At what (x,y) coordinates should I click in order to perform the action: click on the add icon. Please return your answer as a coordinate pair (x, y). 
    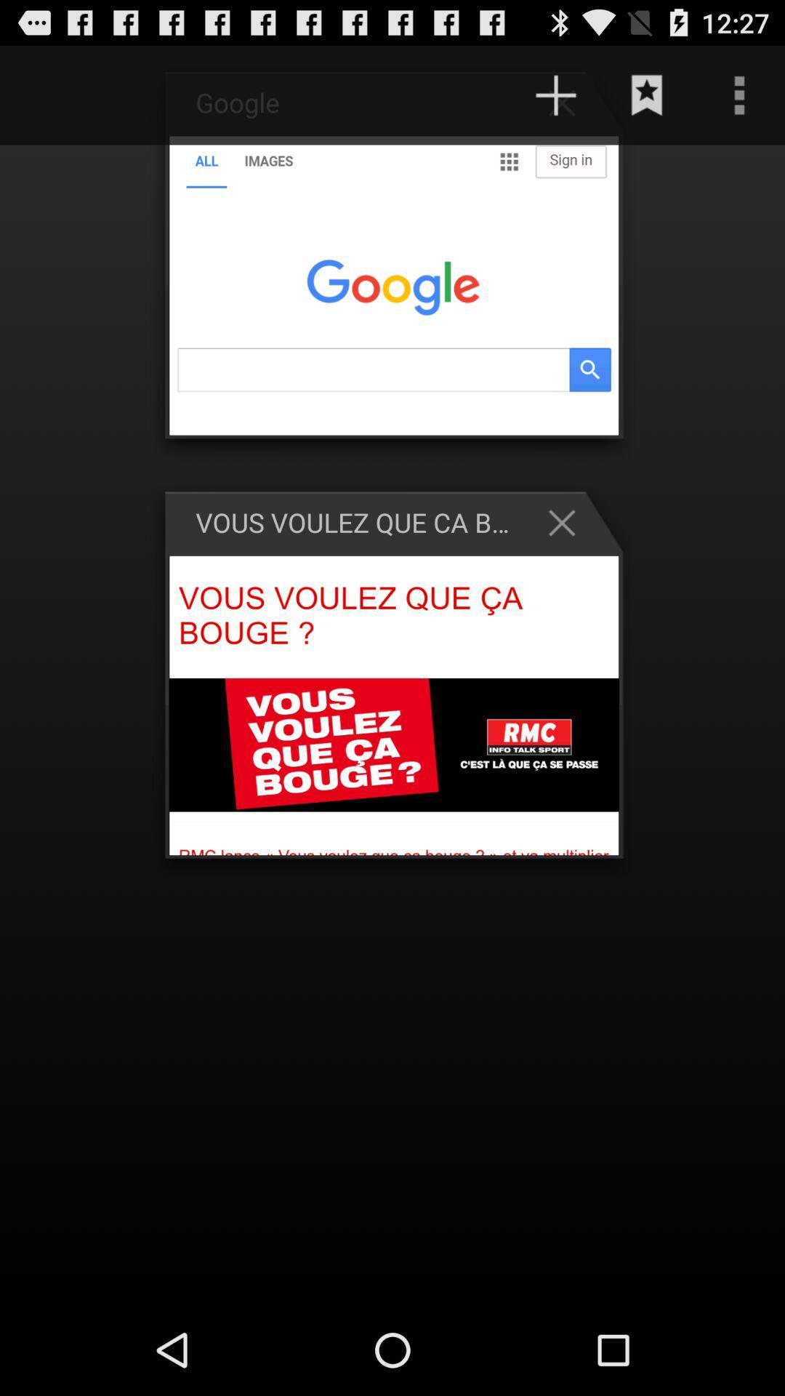
    Looking at the image, I should click on (555, 101).